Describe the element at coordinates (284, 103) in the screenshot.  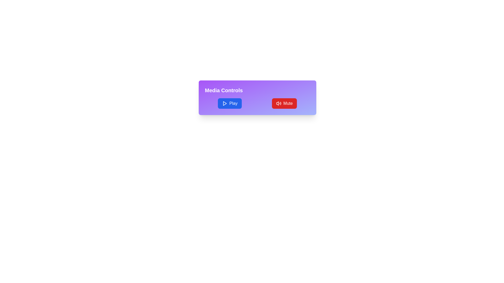
I see `the 'Mute' button to toggle the mute state` at that location.